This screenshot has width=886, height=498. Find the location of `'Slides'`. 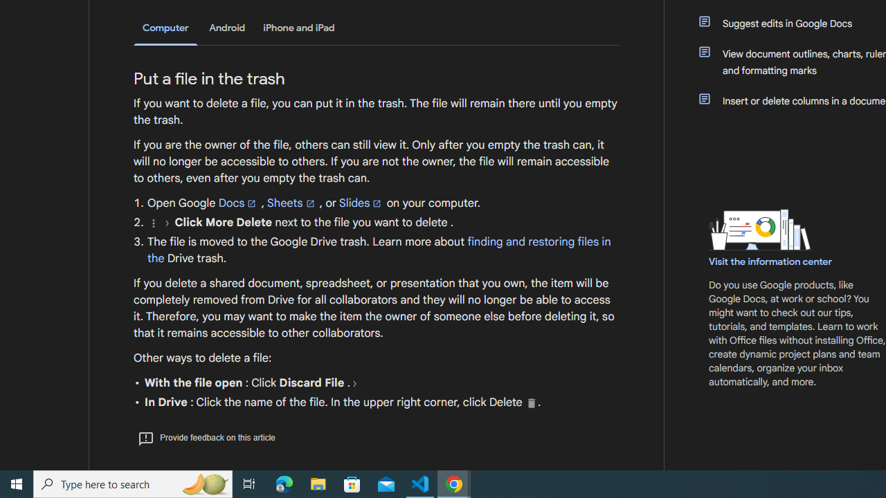

'Slides' is located at coordinates (361, 203).